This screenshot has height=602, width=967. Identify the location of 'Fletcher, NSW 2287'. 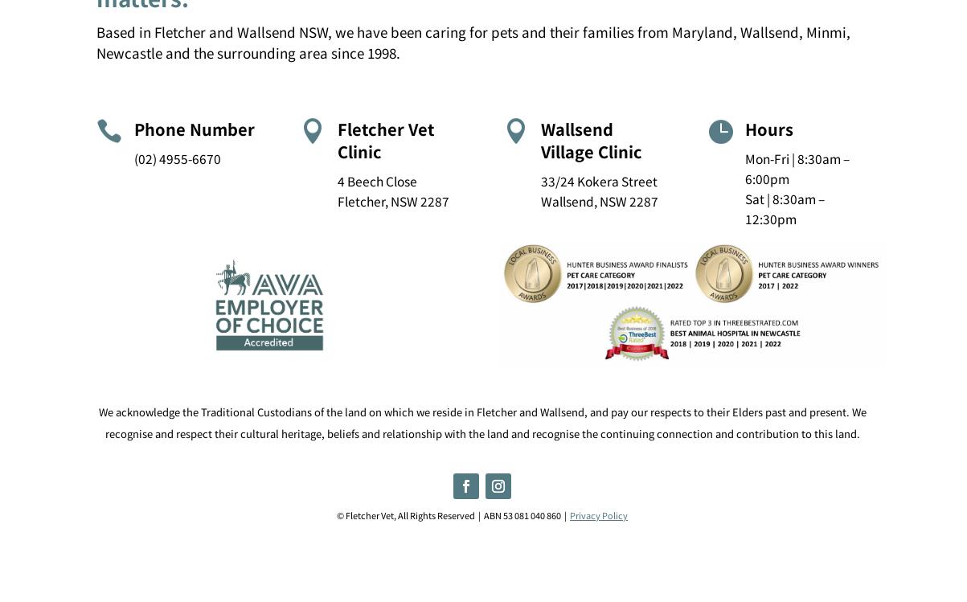
(393, 199).